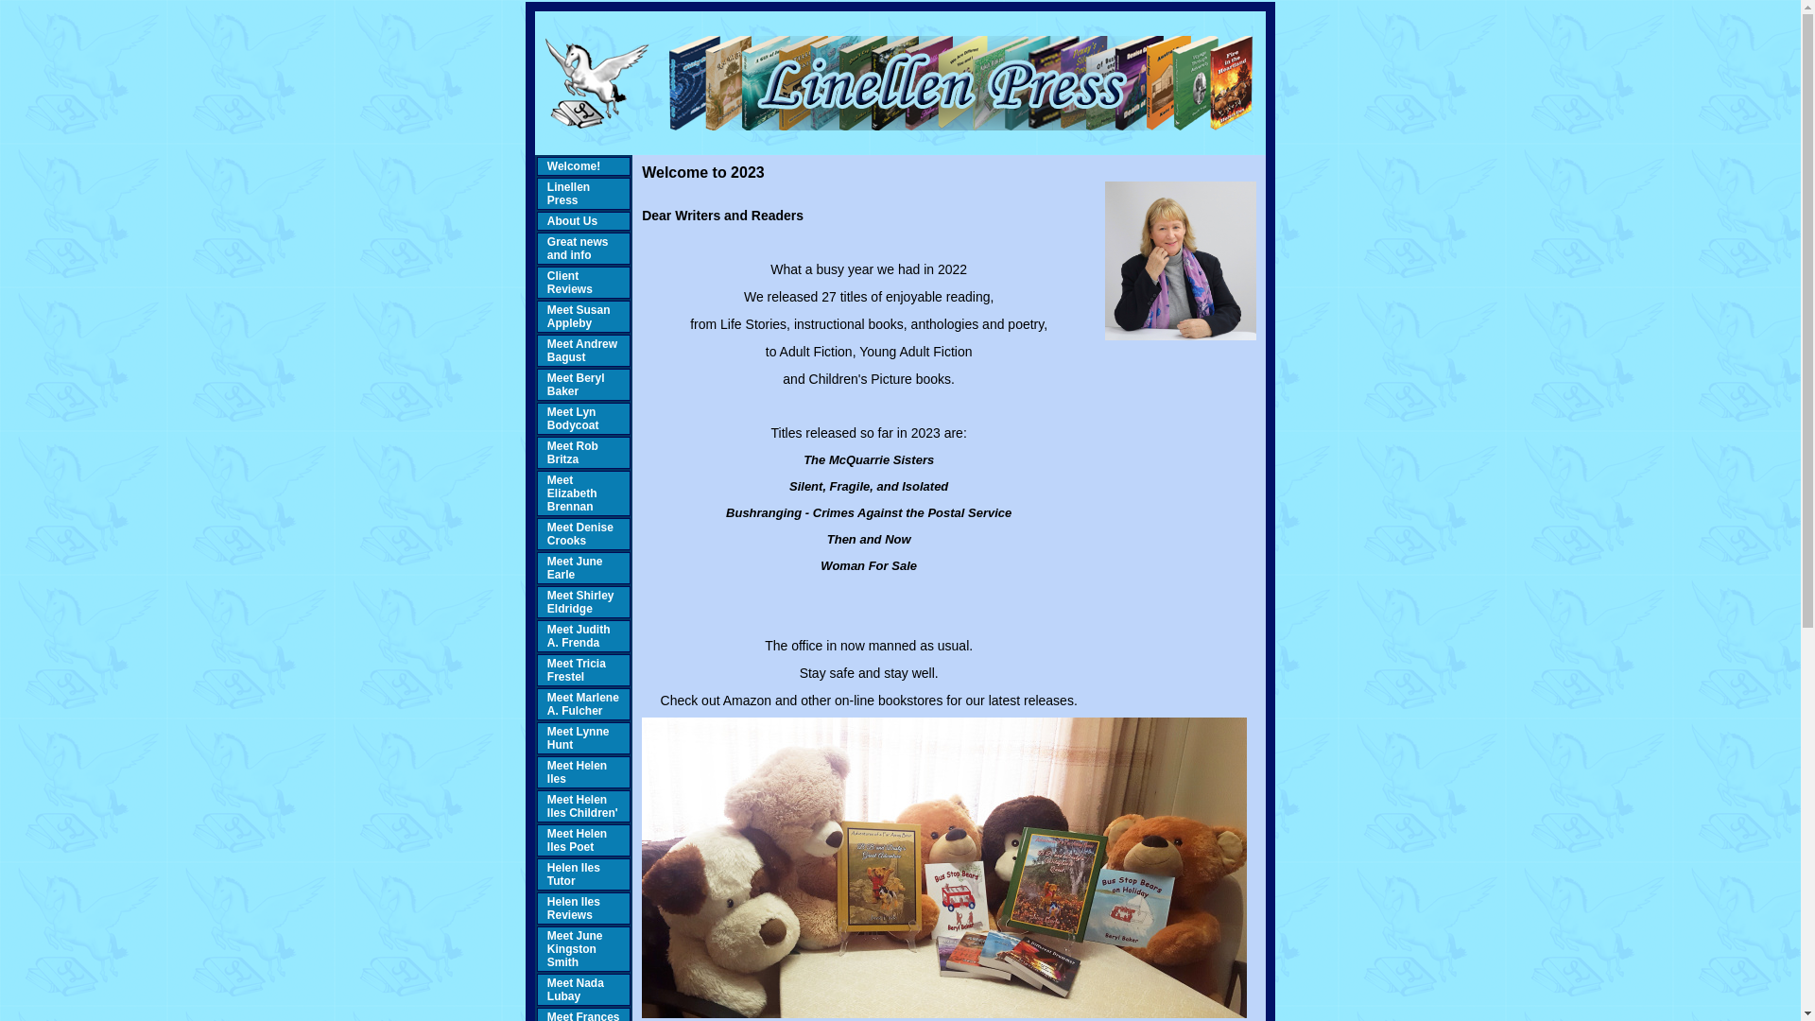 The width and height of the screenshot is (1815, 1021). I want to click on 'Meet Helen Iles', so click(576, 772).